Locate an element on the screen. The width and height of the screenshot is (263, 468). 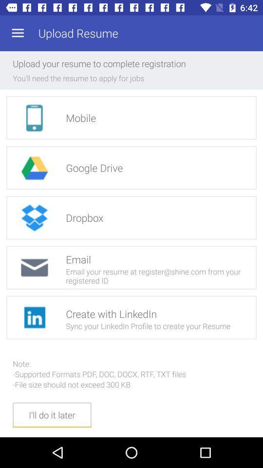
the icon below email icon is located at coordinates (34, 317).